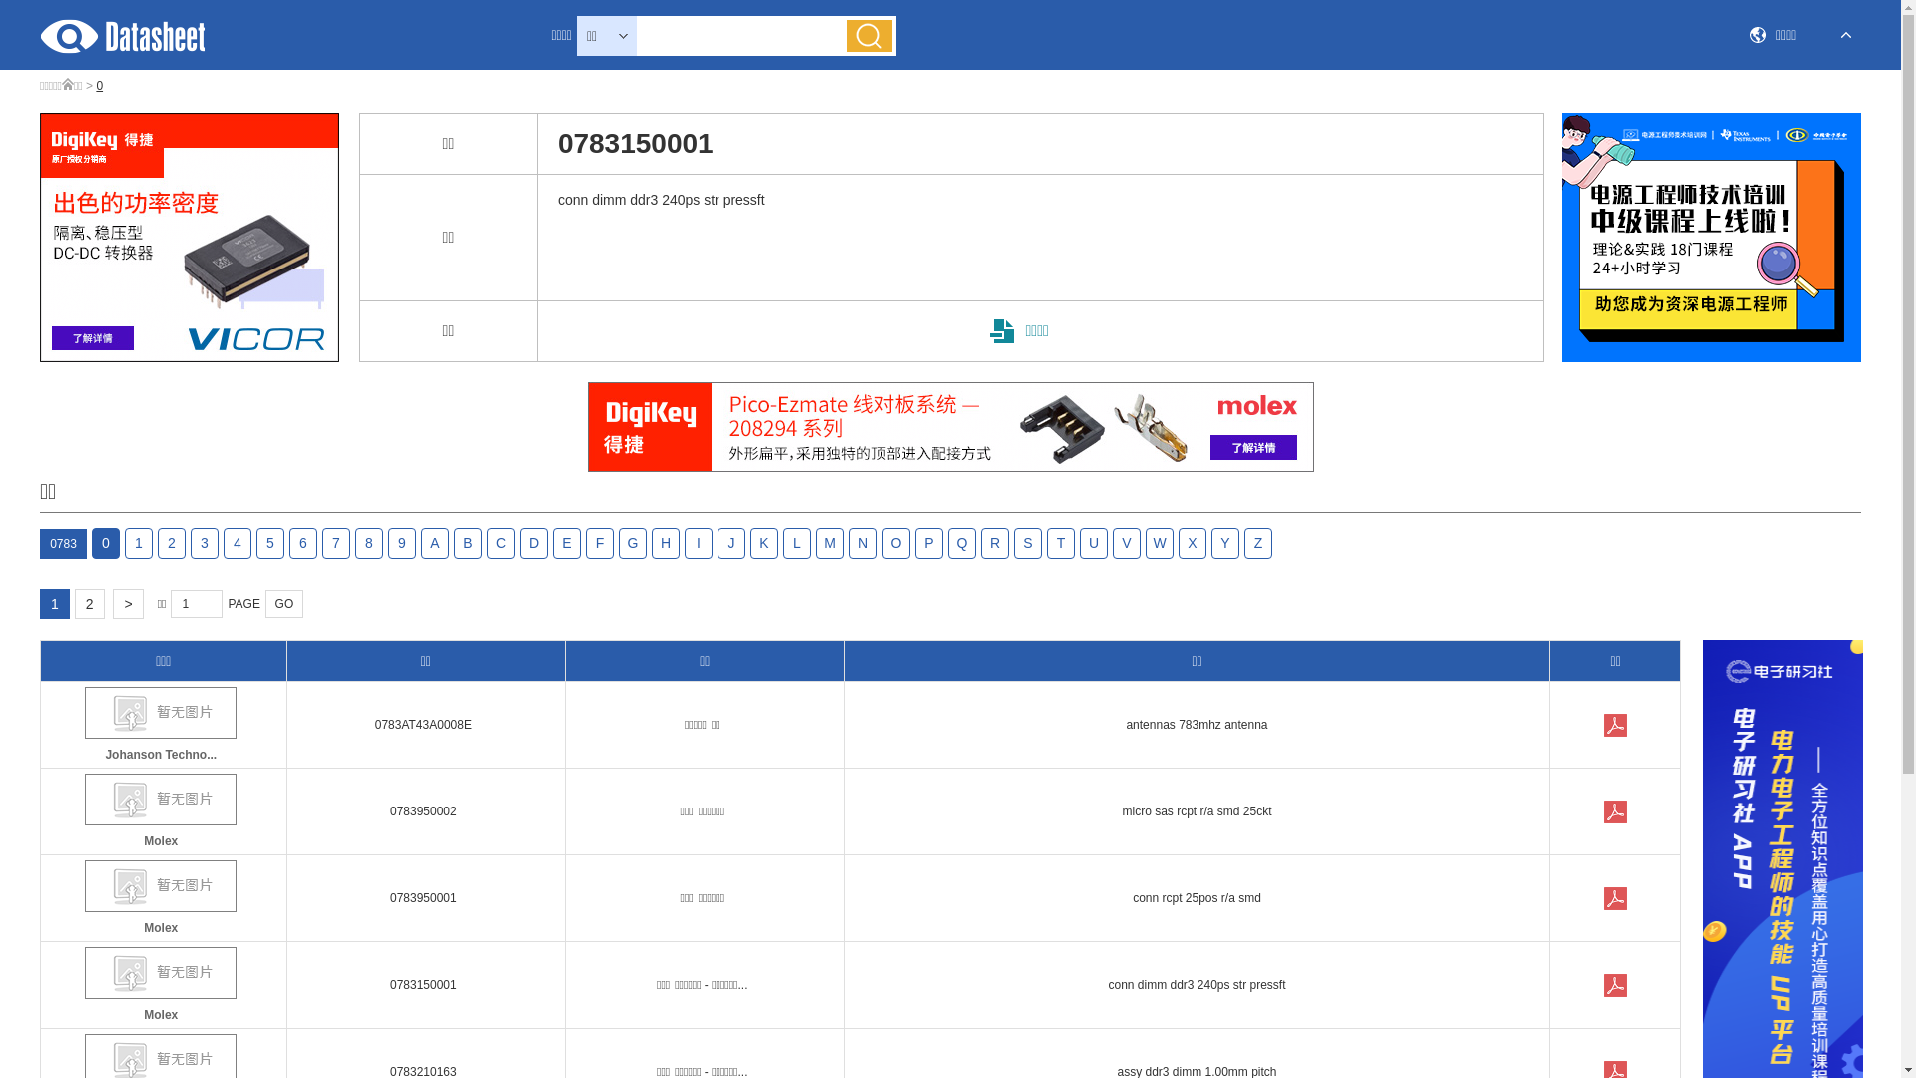 The width and height of the screenshot is (1916, 1078). What do you see at coordinates (1028, 543) in the screenshot?
I see `'S'` at bounding box center [1028, 543].